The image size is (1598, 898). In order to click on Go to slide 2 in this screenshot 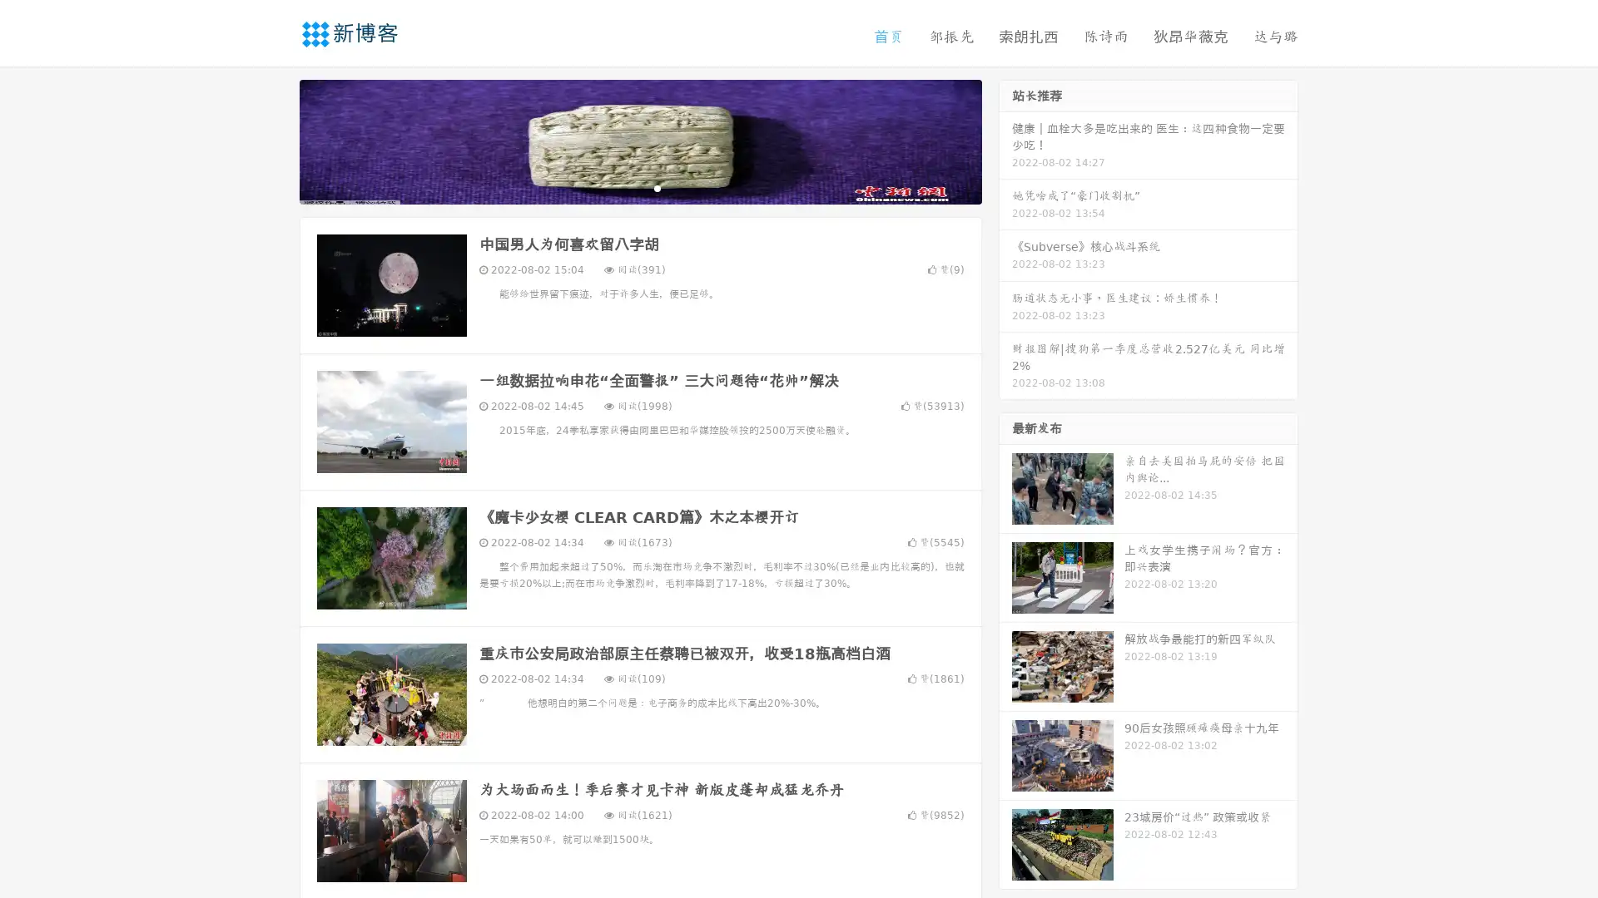, I will do `click(639, 187)`.